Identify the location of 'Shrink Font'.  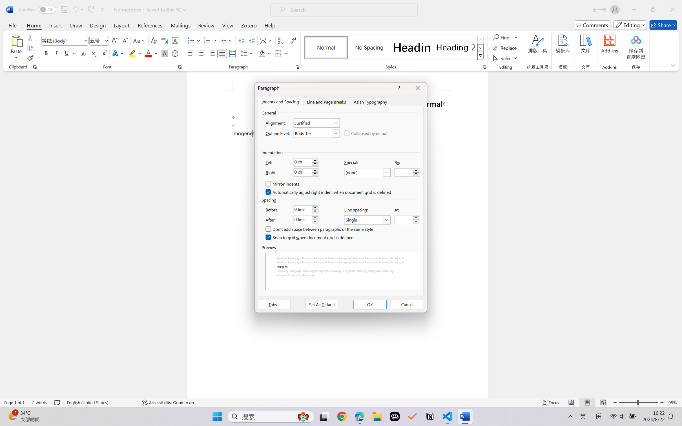
(124, 41).